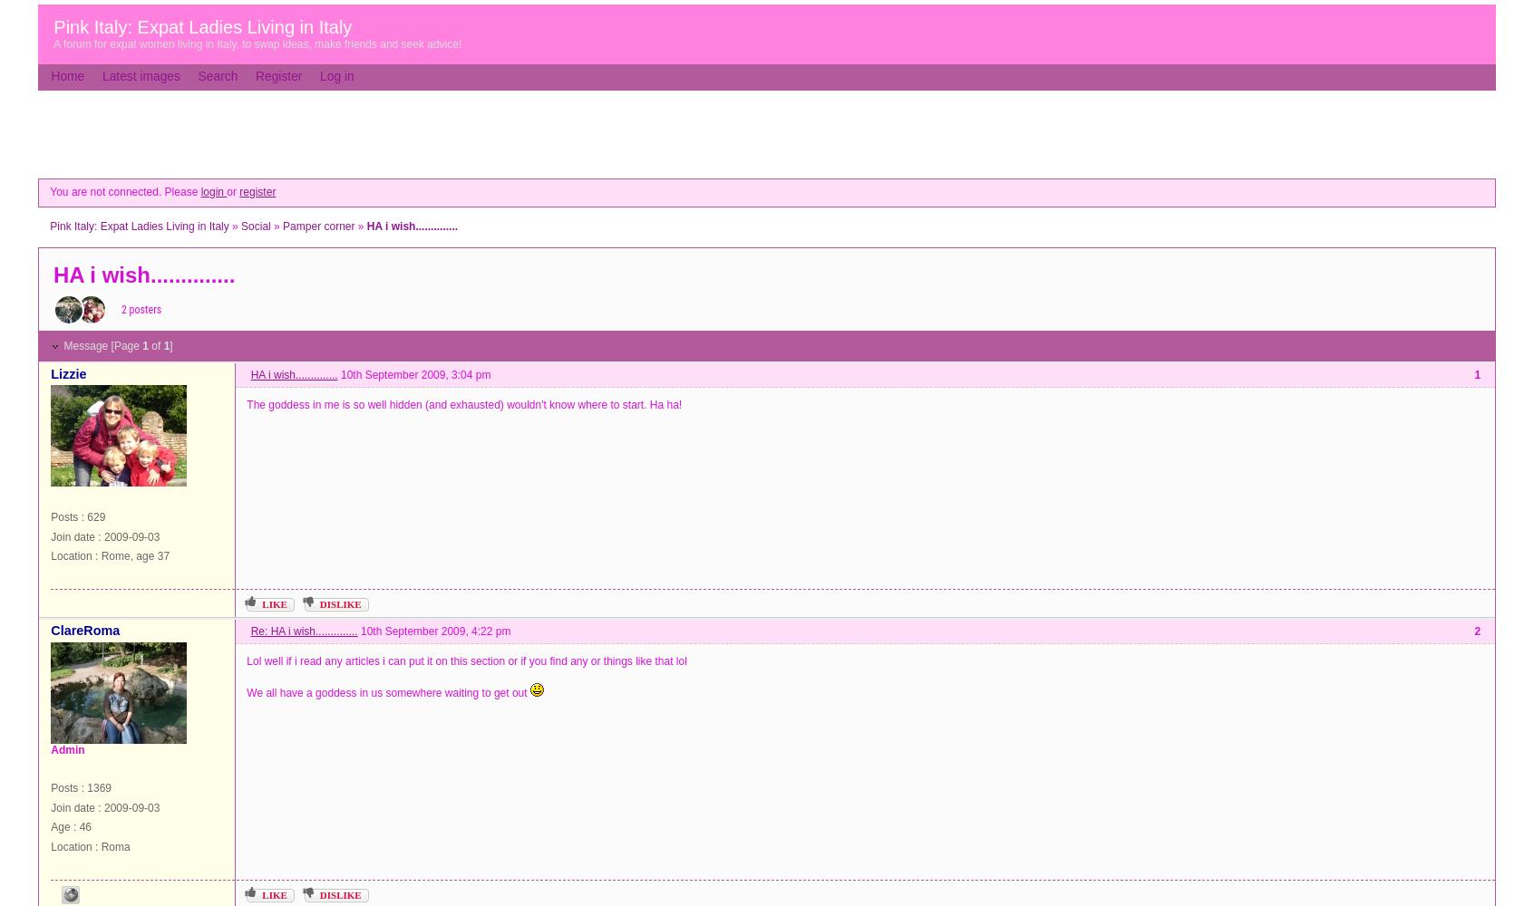 This screenshot has height=906, width=1534. I want to click on 'Age', so click(59, 827).